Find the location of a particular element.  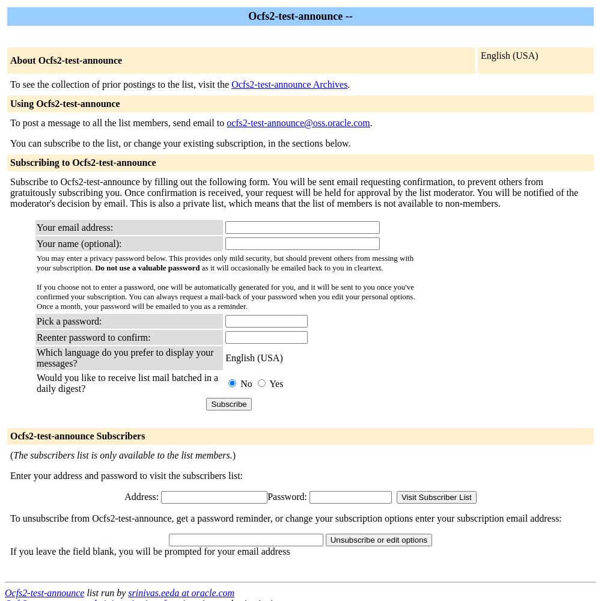

'You can subscribe to the list, or change your existing
	    subscription, in the sections below.' is located at coordinates (10, 142).